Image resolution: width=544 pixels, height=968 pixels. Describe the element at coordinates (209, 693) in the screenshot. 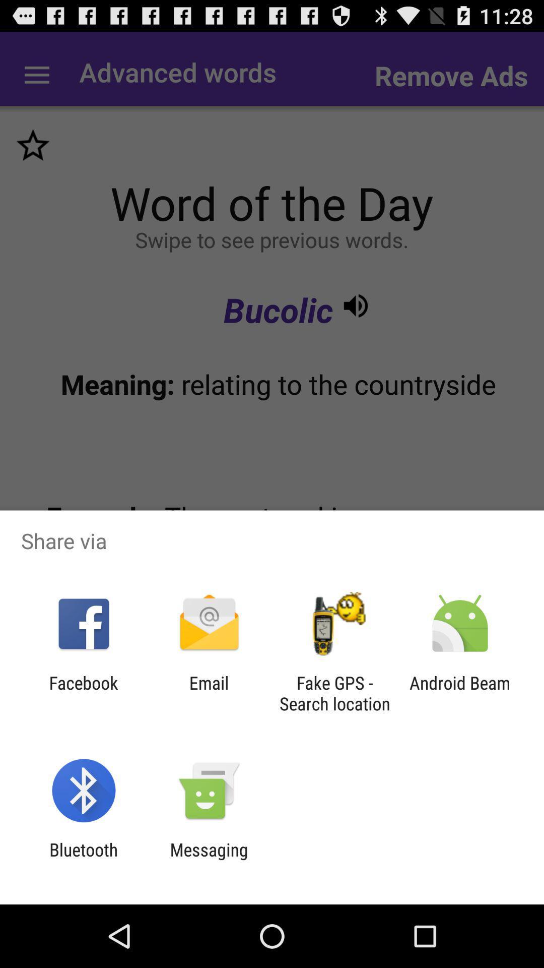

I see `the icon to the right of the facebook app` at that location.